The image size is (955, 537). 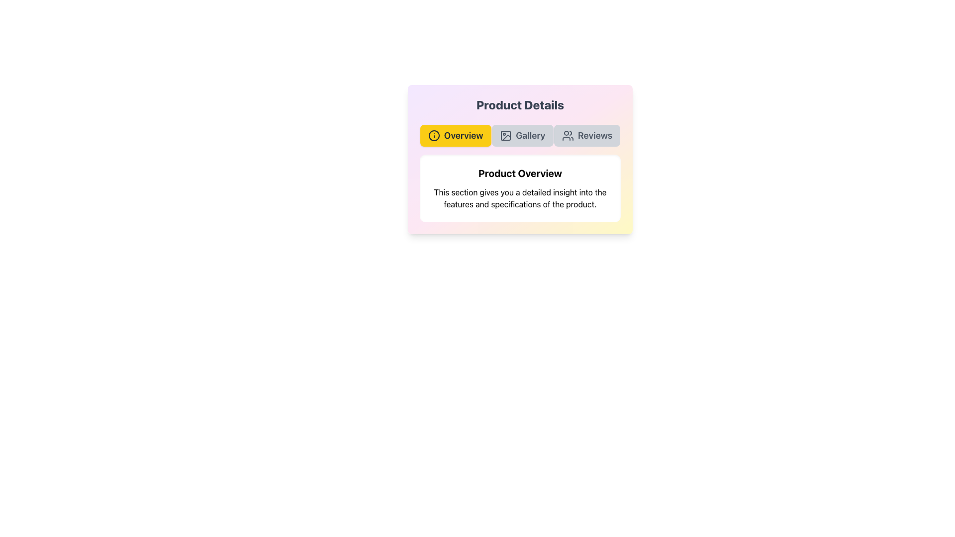 What do you see at coordinates (520, 173) in the screenshot?
I see `header text located at the center of the header element, which introduces the content section beneath it` at bounding box center [520, 173].